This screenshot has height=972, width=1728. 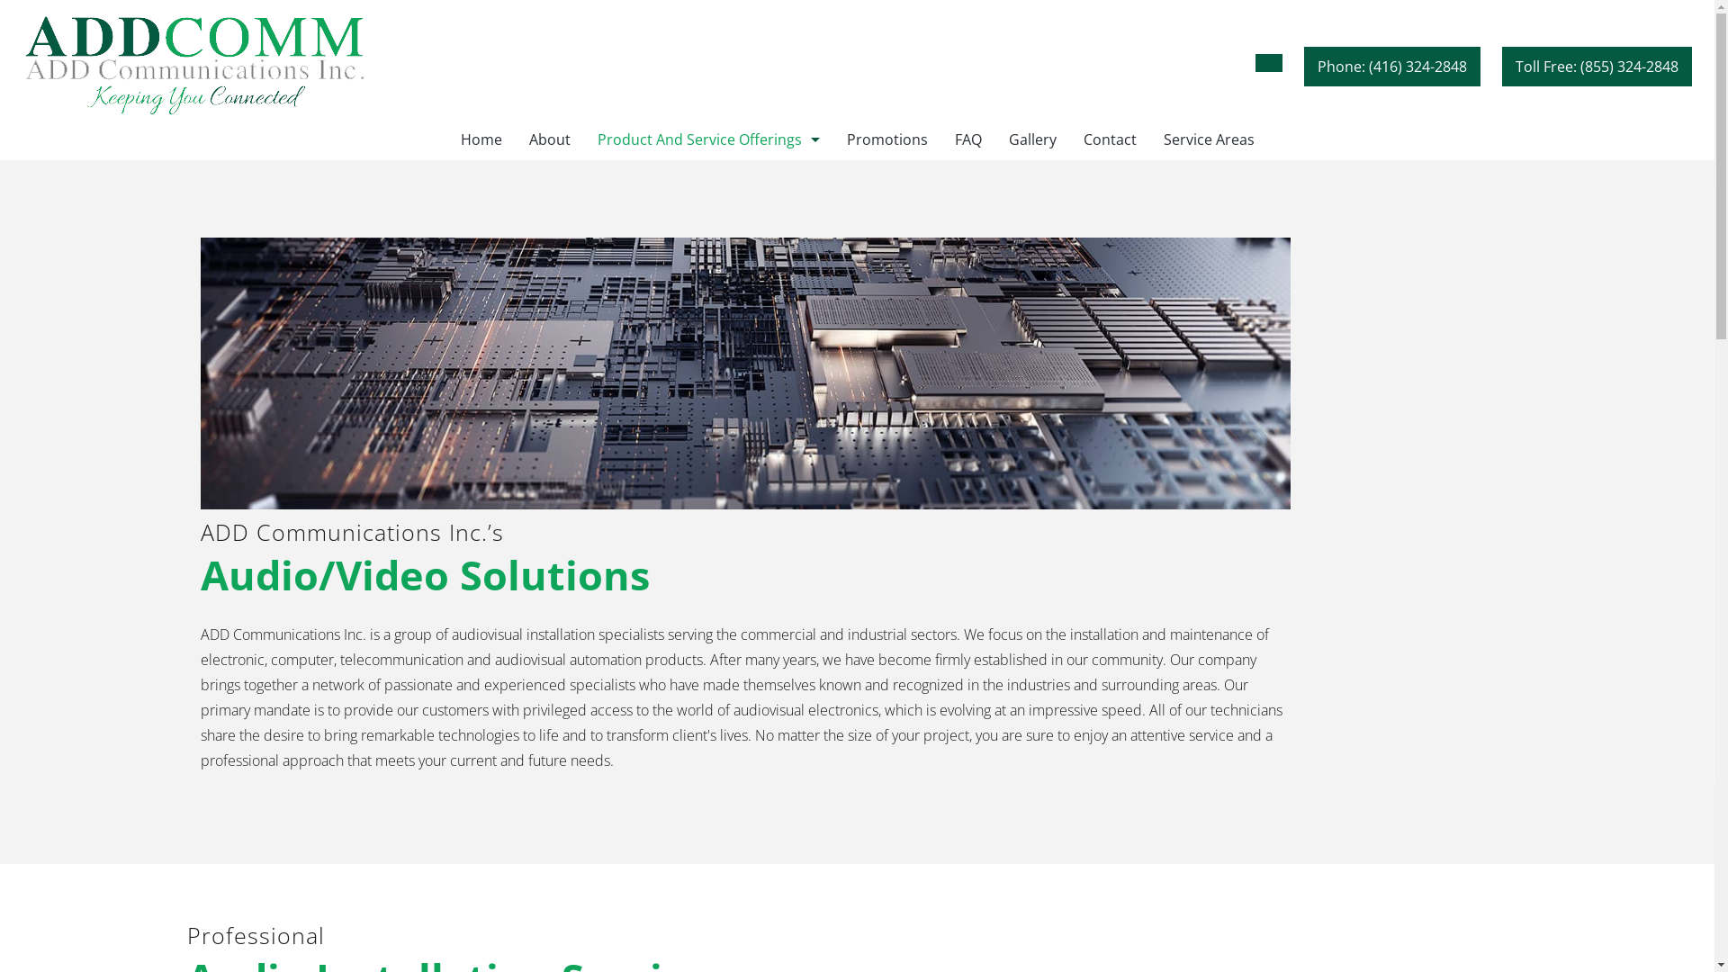 What do you see at coordinates (706, 220) in the screenshot?
I see `'HOSTED IP / VoIP Systems'` at bounding box center [706, 220].